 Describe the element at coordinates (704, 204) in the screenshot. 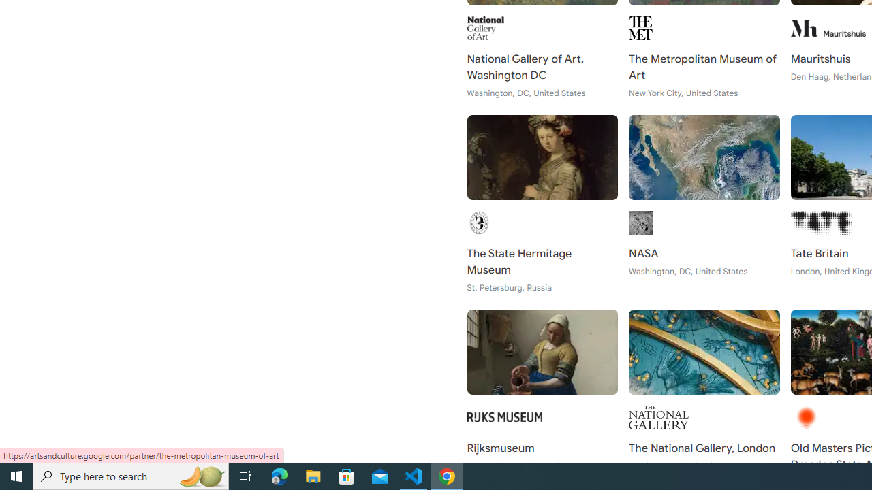

I see `'NASA Washington, DC, United States'` at that location.